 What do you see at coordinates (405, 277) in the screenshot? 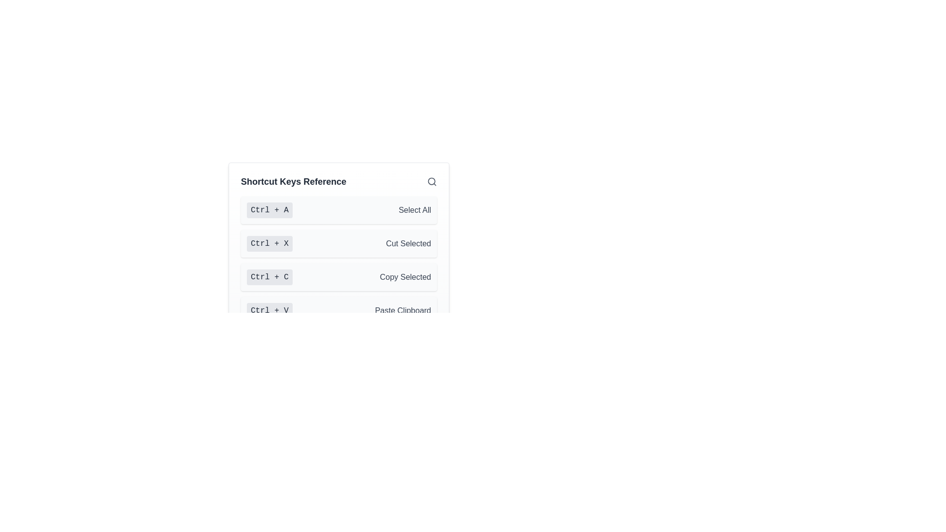
I see `the Text label that describes the 'Ctrl + C' shortcut action for copying selected items in the 'Shortcut Keys Reference' list` at bounding box center [405, 277].